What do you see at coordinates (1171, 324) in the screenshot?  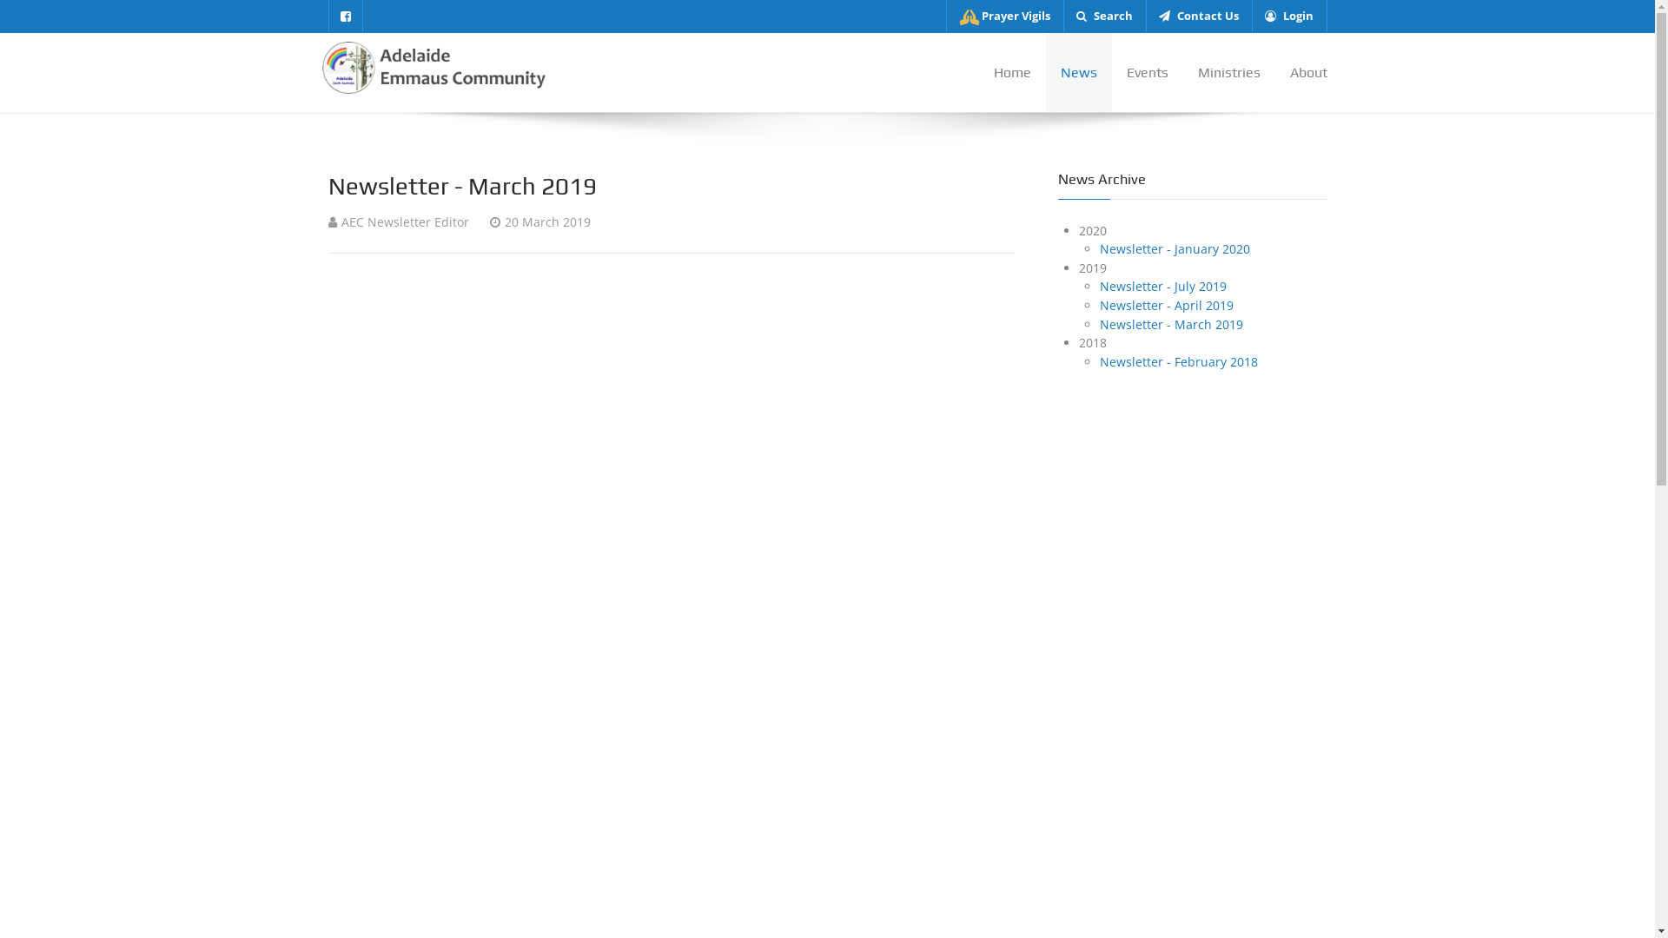 I see `'Newsletter - March 2019'` at bounding box center [1171, 324].